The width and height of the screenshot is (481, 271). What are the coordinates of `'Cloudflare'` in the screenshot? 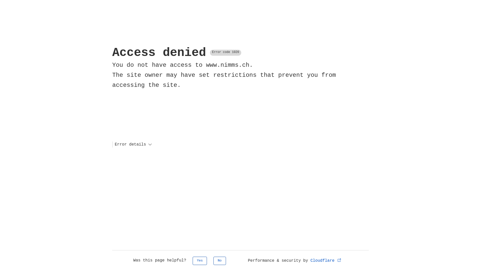 It's located at (326, 260).